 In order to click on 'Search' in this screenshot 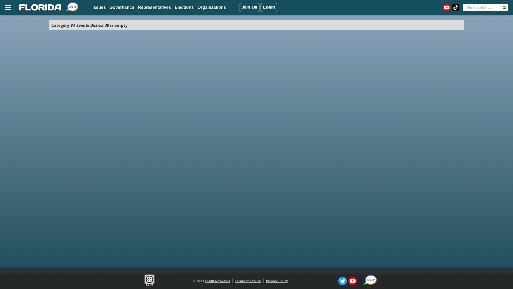, I will do `click(505, 8)`.